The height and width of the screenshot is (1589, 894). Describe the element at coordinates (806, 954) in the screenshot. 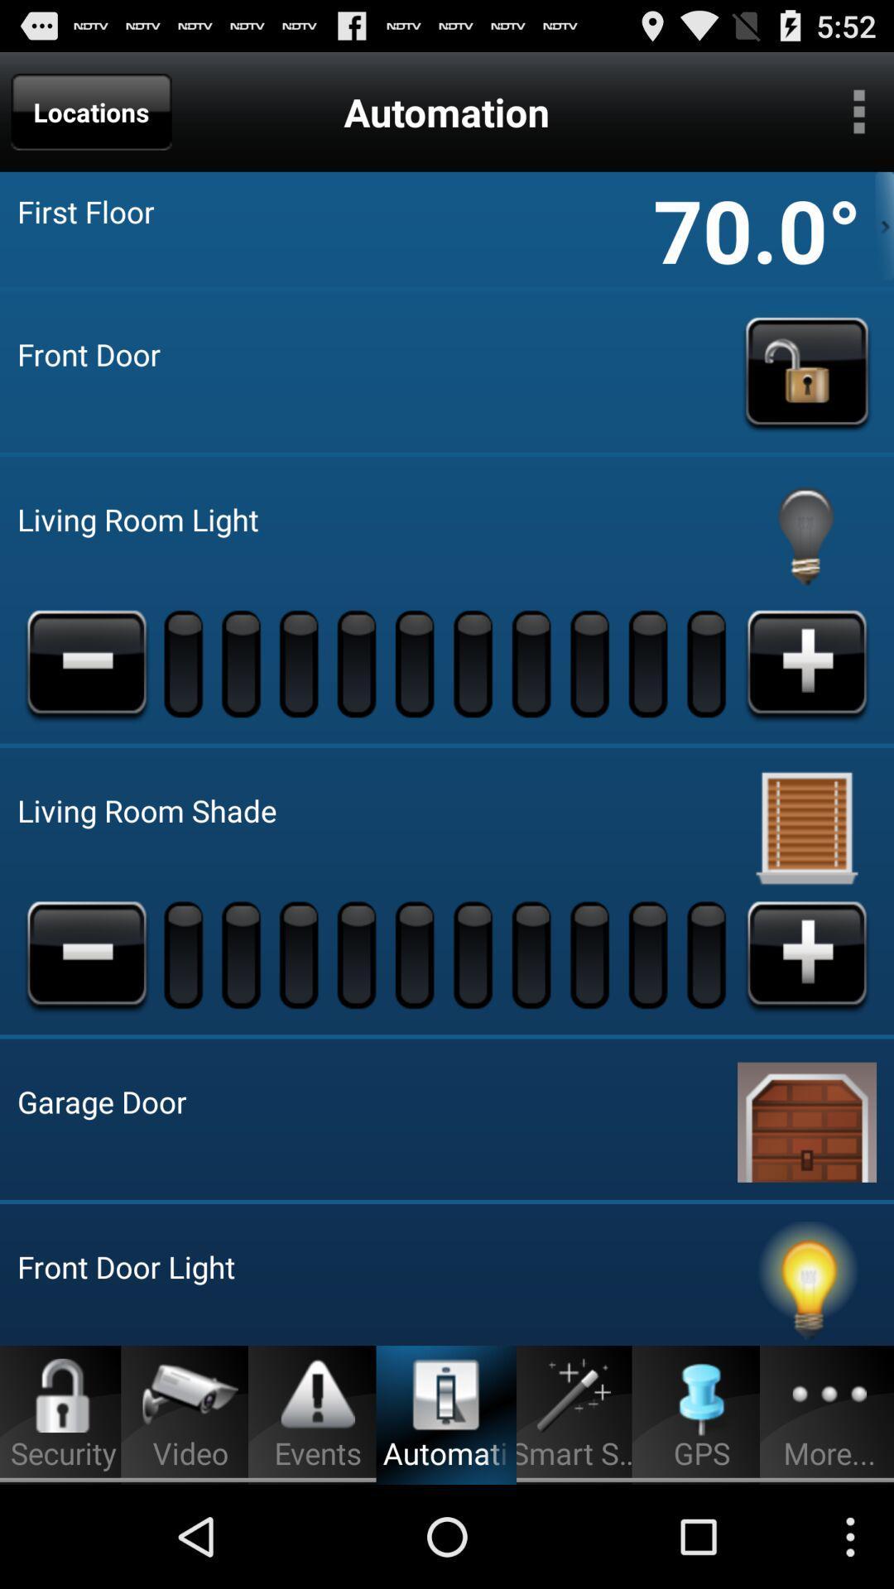

I see `locatoin add` at that location.